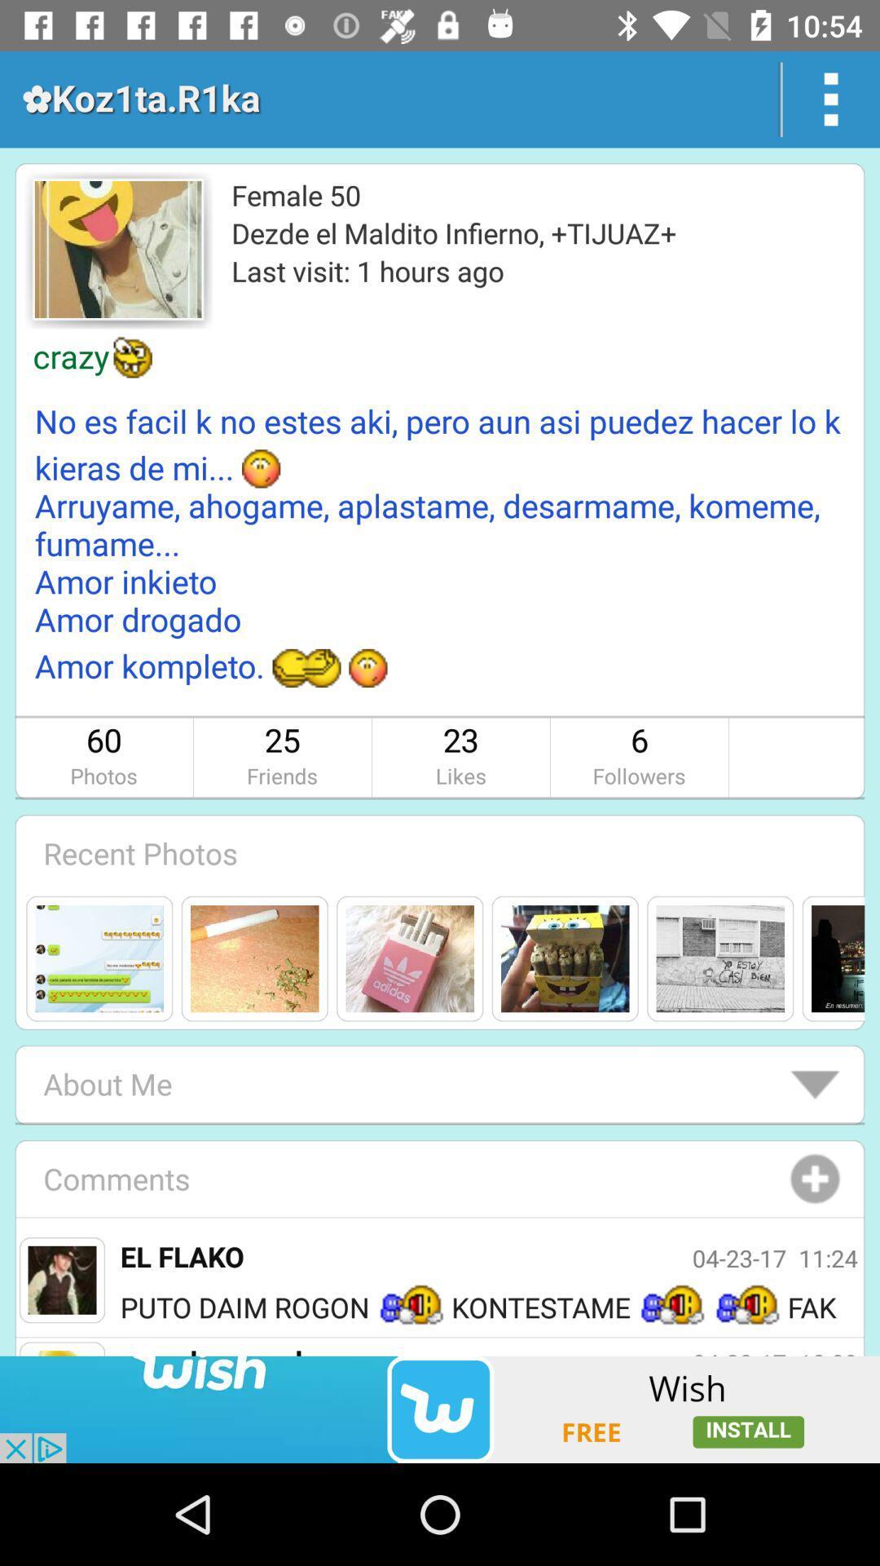 The width and height of the screenshot is (880, 1566). Describe the element at coordinates (815, 1179) in the screenshot. I see `the add icon` at that location.